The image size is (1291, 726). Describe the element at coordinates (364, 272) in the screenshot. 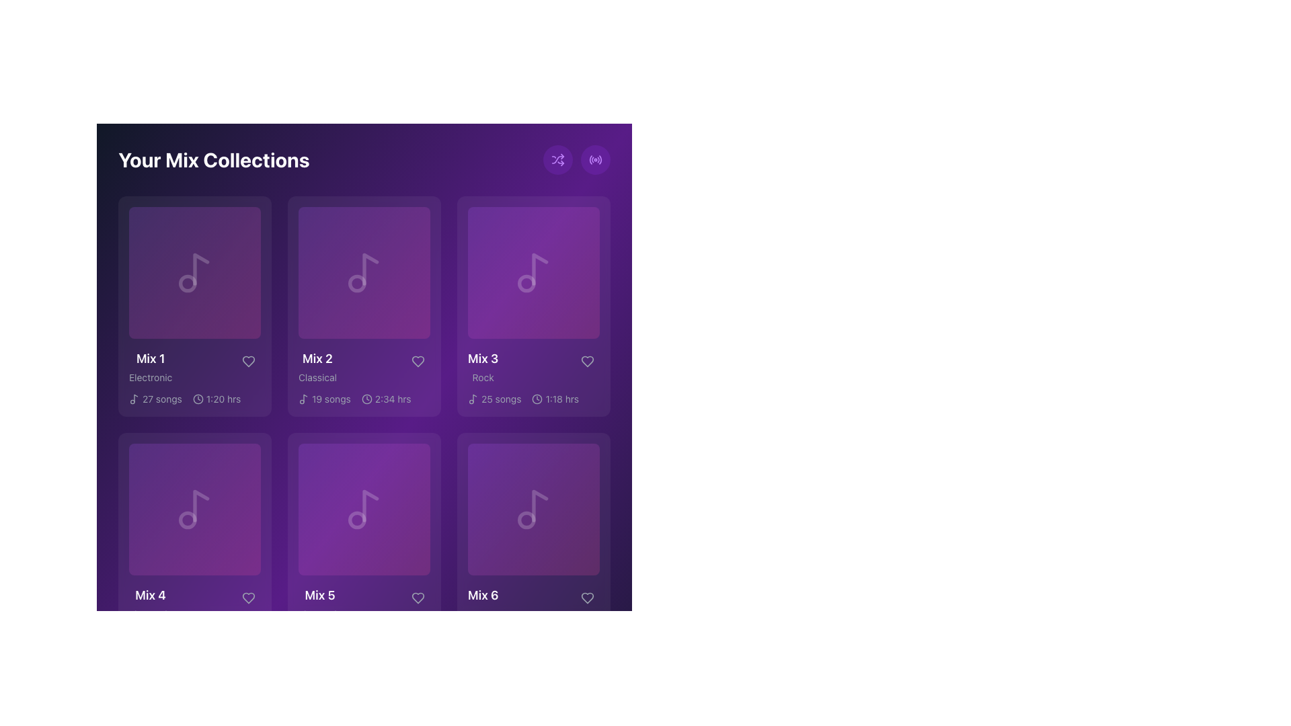

I see `the musical note icon in light purple, located in the second item of the first row of the 'Mix 2' grid layout` at that location.